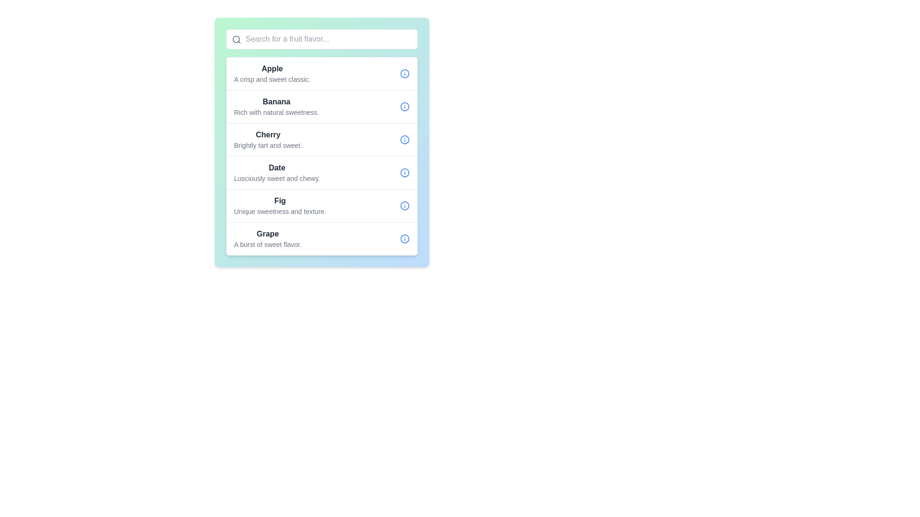 This screenshot has height=517, width=920. I want to click on the information icon located to the right of the header 'Fig' in the fifth list item, which contains additional information about 'Unique sweetness and texture.', so click(322, 205).